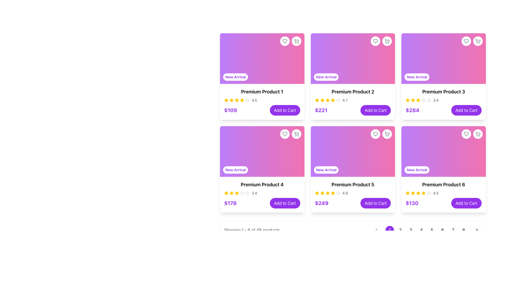  What do you see at coordinates (332, 100) in the screenshot?
I see `the second star icon in the rating system of the 'Premium Product 2' card, which is a five-pointed yellow star used for ratings` at bounding box center [332, 100].